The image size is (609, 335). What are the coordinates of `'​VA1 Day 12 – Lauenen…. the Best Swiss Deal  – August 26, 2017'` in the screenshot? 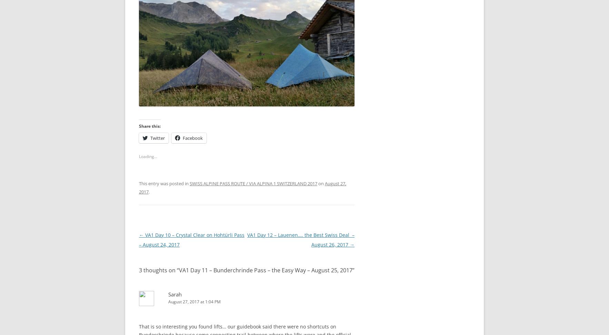 It's located at (300, 238).